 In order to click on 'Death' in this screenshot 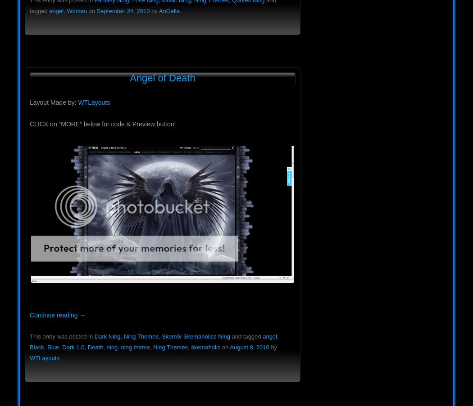, I will do `click(95, 347)`.